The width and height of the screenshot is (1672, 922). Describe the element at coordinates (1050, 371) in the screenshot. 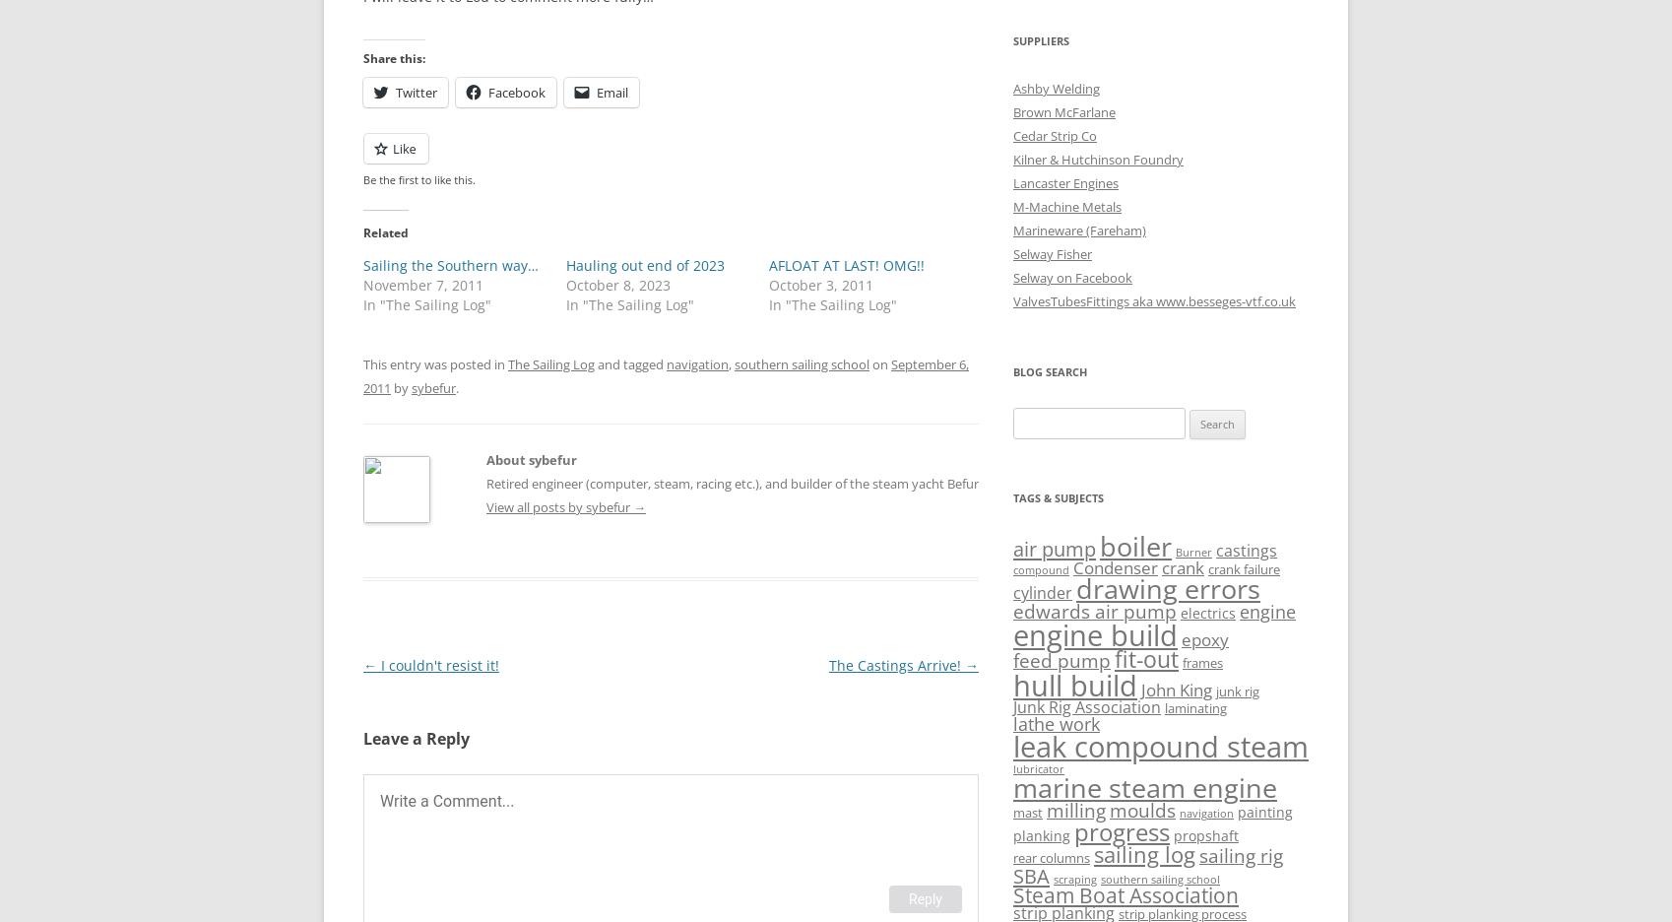

I see `'Blog Search'` at that location.